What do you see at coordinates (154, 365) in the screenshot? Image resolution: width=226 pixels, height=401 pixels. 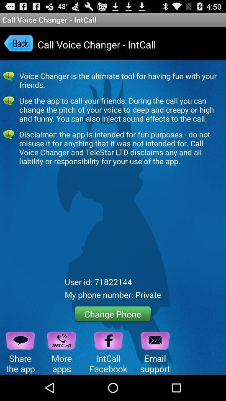 I see `the email icon` at bounding box center [154, 365].